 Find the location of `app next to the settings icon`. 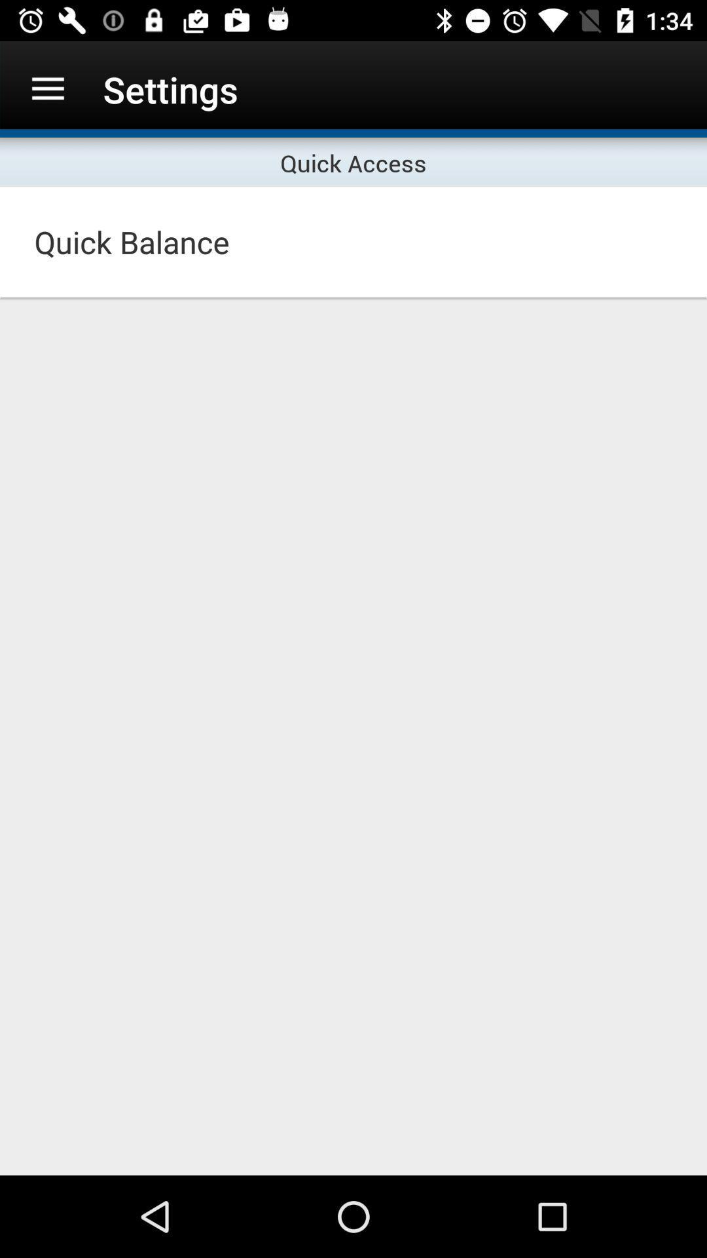

app next to the settings icon is located at coordinates (47, 88).